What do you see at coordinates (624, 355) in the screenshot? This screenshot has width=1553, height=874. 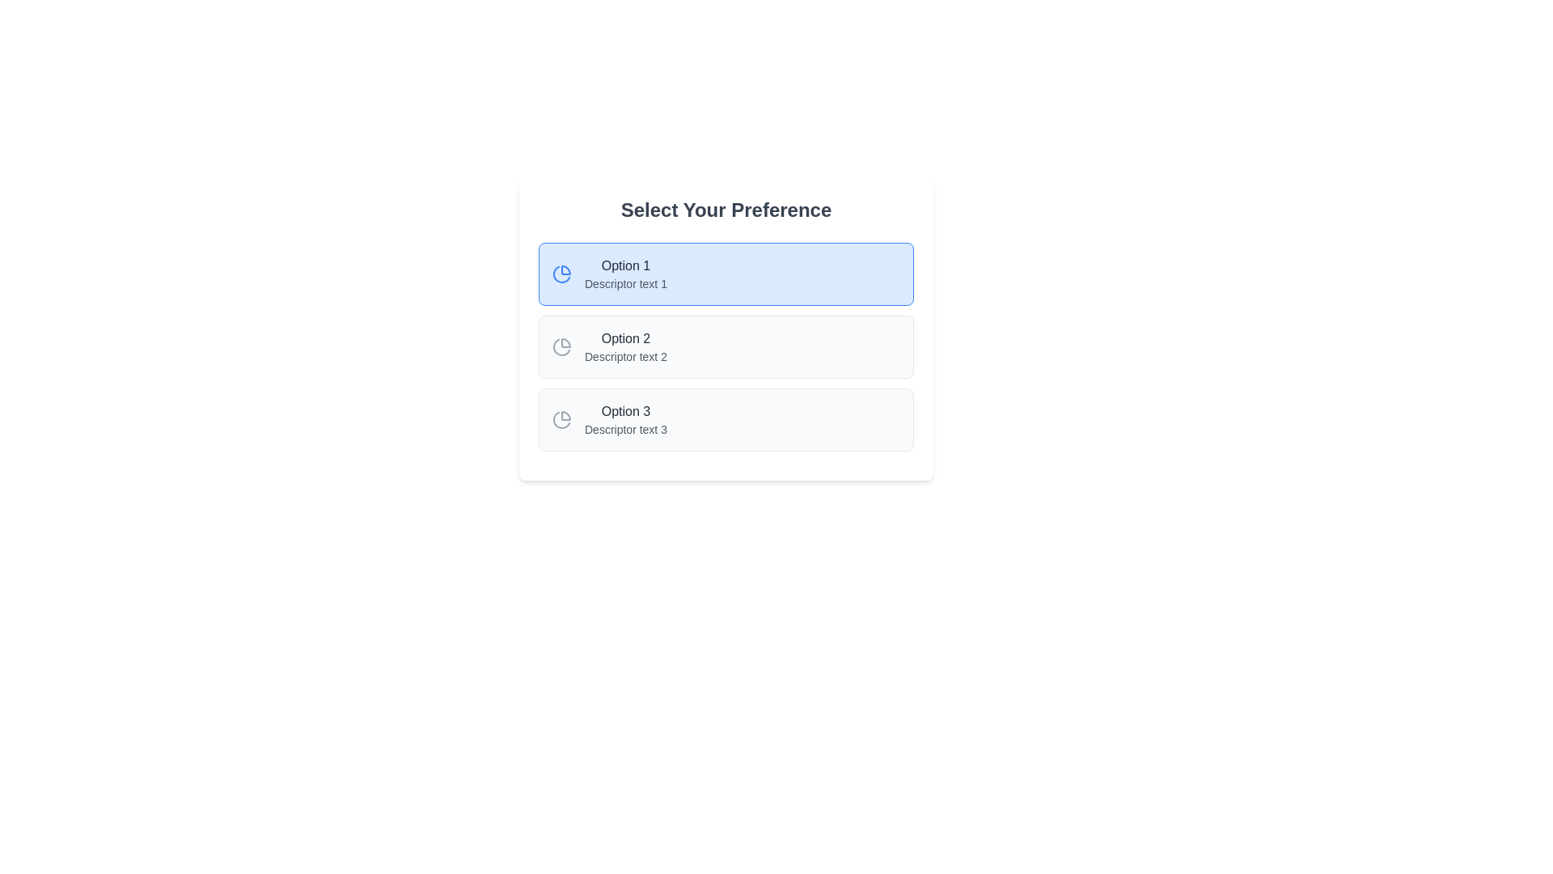 I see `the text label providing additional information for 'Option 2', which is located in the second card section under 'Select Your Preference'` at bounding box center [624, 355].